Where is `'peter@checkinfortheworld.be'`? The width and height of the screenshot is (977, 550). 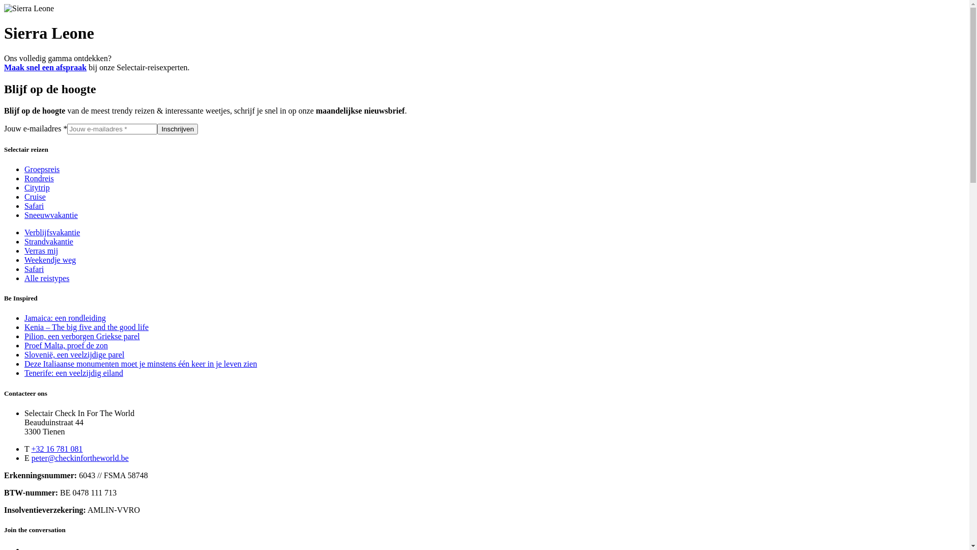 'peter@checkinfortheworld.be' is located at coordinates (79, 457).